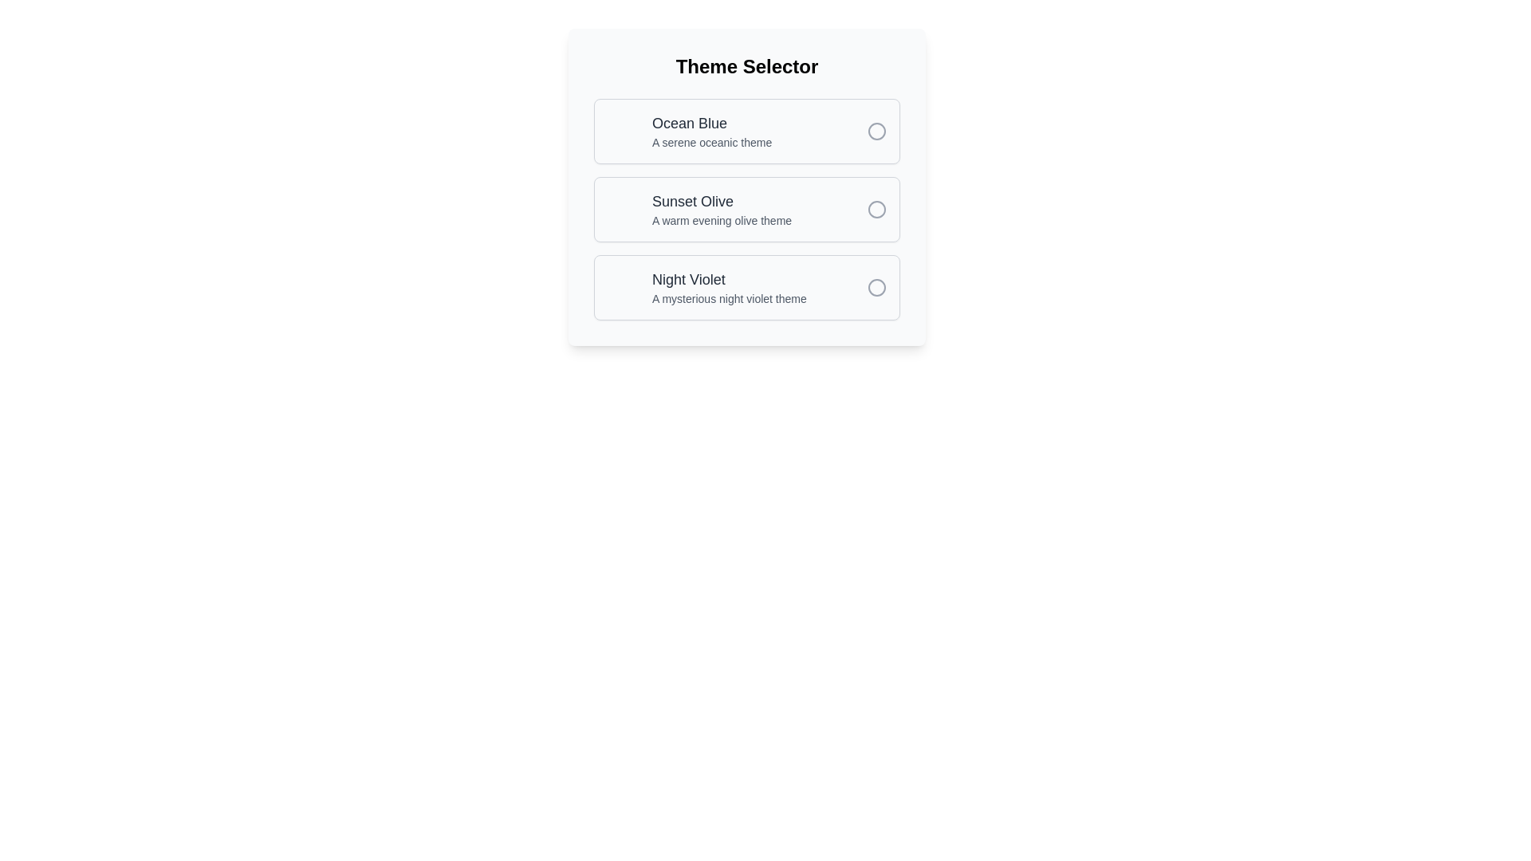 The image size is (1531, 861). What do you see at coordinates (876, 131) in the screenshot?
I see `the 'Ocean Blue' themed radio button` at bounding box center [876, 131].